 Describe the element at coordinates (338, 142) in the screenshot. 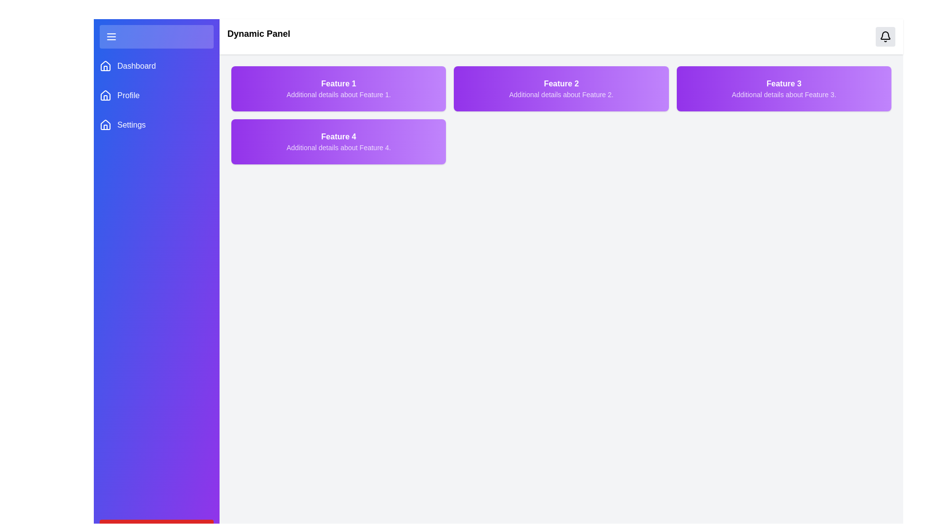

I see `the informational card representing 'Feature 4', located in the second row, first column of the grid layout` at that location.